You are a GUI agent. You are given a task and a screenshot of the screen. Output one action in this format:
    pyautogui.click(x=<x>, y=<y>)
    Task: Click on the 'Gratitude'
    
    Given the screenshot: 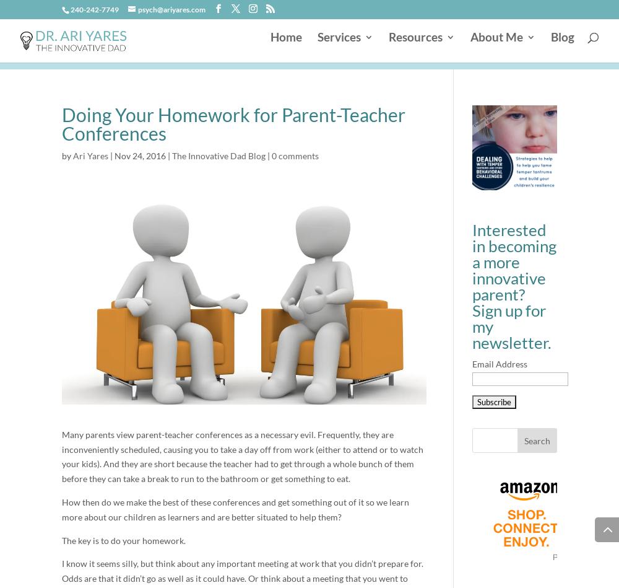 What is the action you would take?
    pyautogui.click(x=290, y=222)
    